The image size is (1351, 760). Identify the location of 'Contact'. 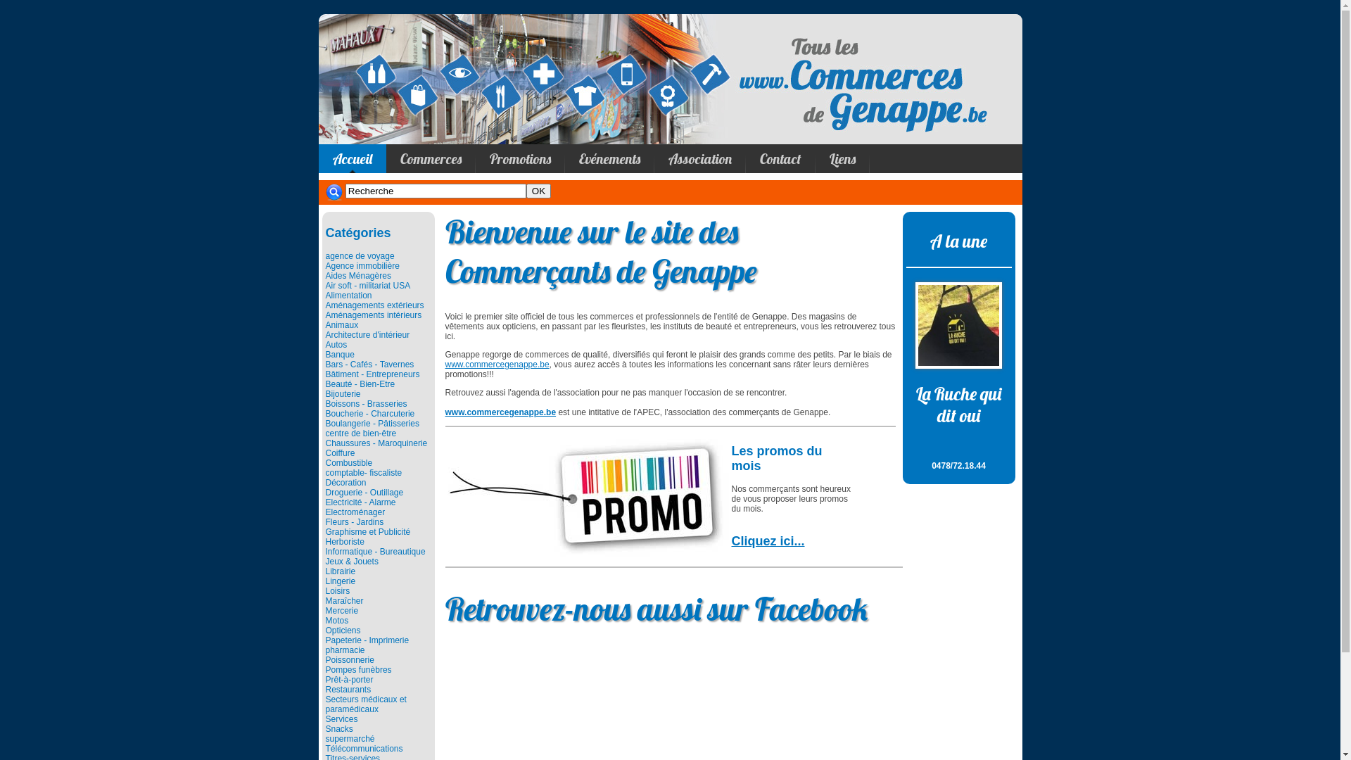
(780, 158).